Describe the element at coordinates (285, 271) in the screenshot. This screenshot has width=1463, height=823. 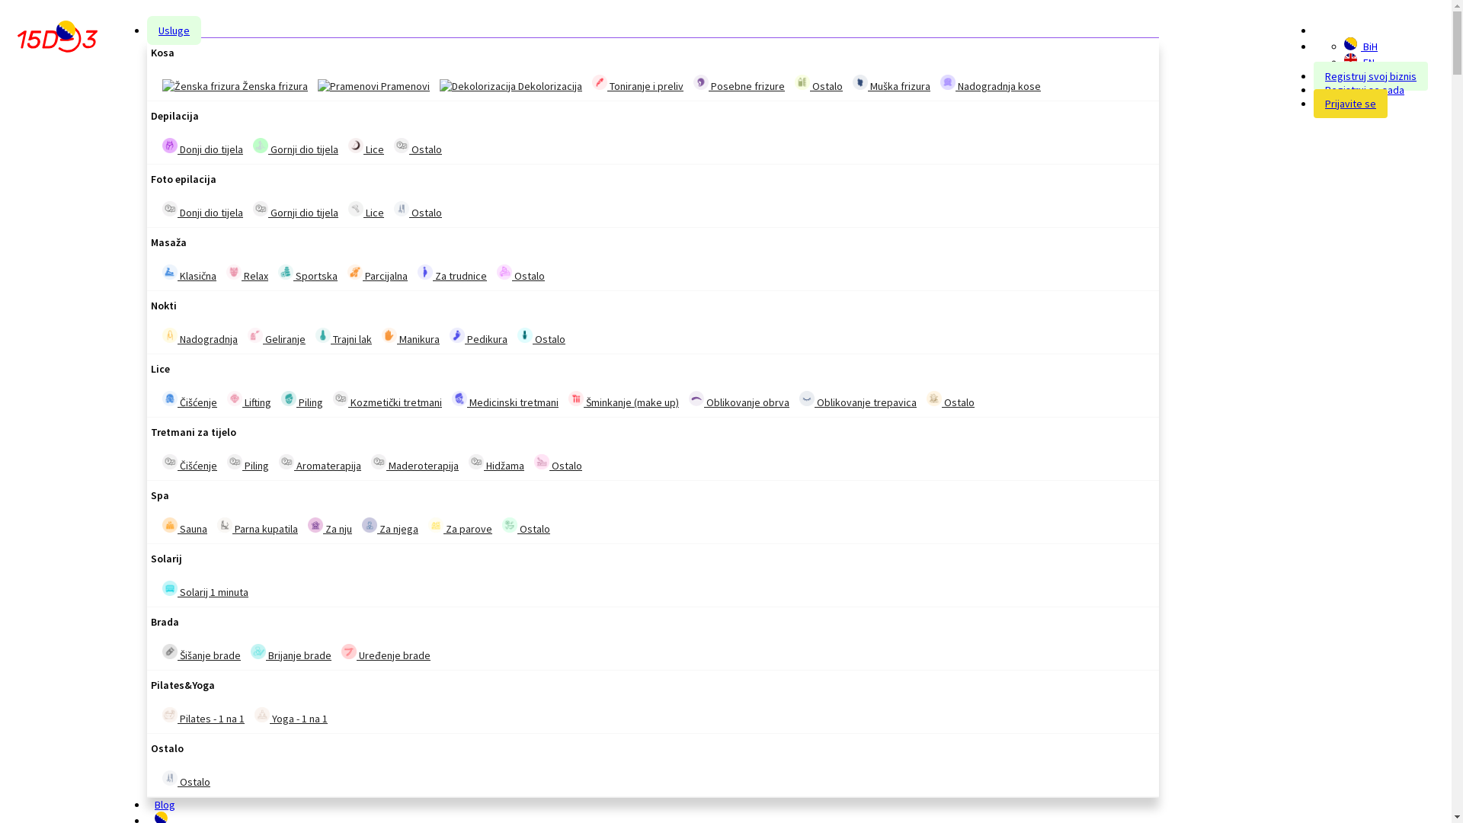
I see `'Sportska'` at that location.